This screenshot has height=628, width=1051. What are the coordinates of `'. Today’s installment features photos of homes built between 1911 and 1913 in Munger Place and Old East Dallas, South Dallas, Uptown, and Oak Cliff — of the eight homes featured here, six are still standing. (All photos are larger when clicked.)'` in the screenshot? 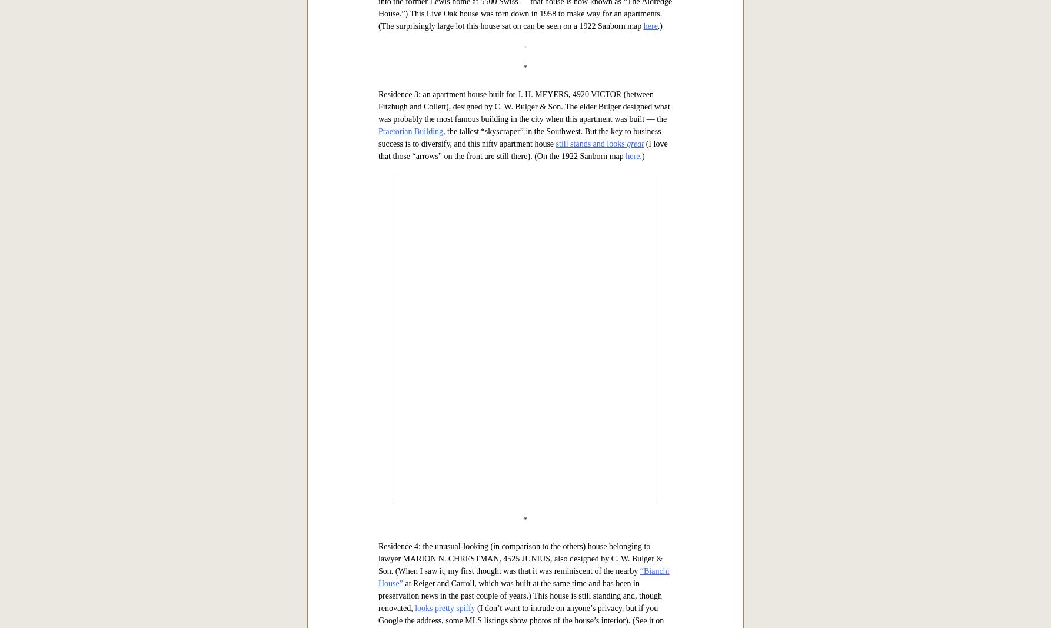 It's located at (378, 161).